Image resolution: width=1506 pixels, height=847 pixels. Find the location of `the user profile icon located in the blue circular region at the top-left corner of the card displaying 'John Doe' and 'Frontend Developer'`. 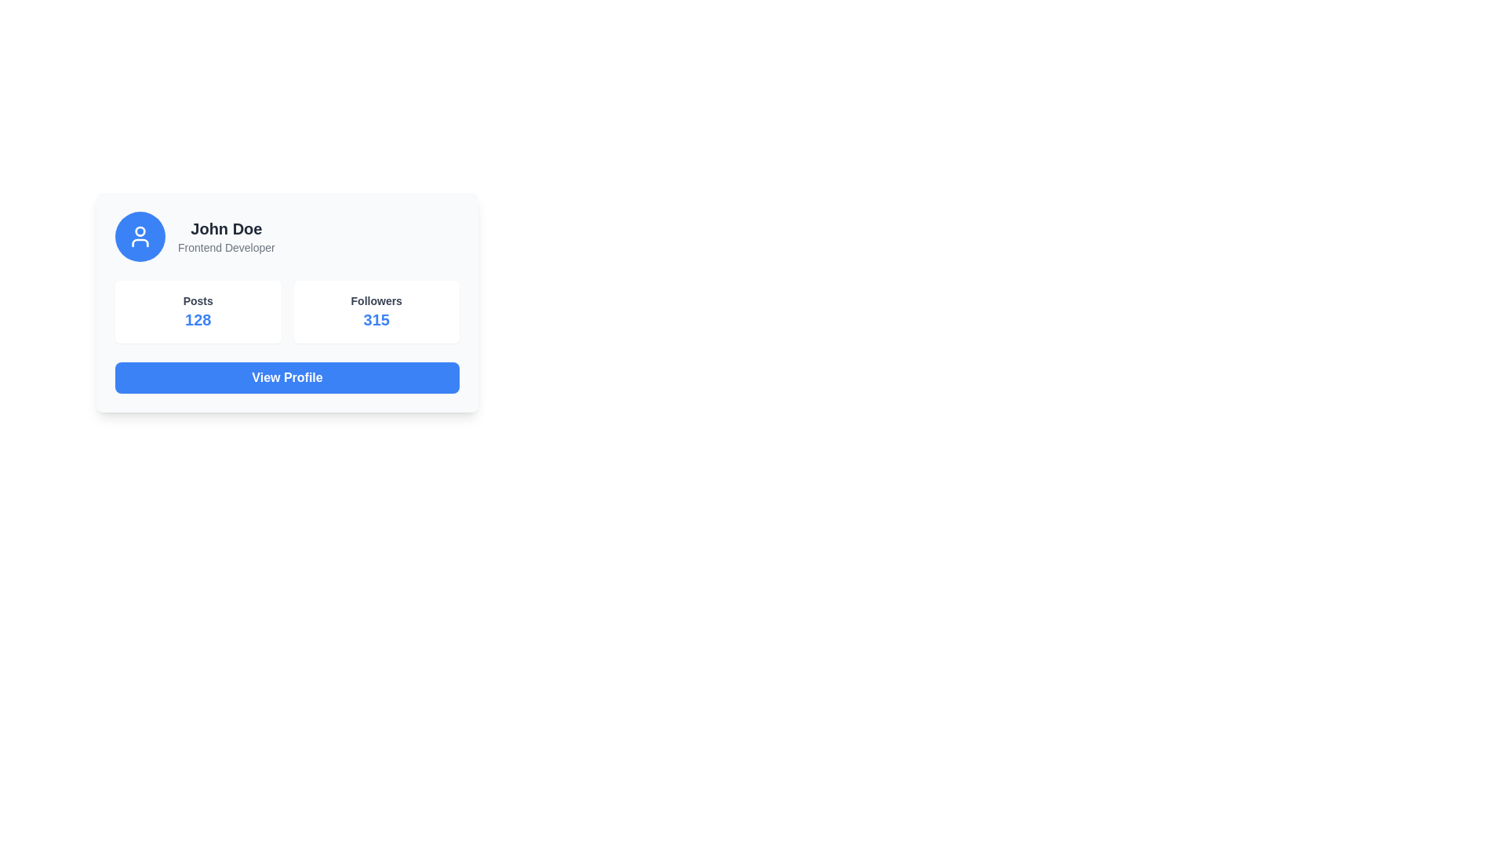

the user profile icon located in the blue circular region at the top-left corner of the card displaying 'John Doe' and 'Frontend Developer' is located at coordinates (140, 236).